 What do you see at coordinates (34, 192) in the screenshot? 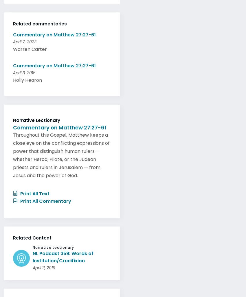
I see `'Print All Text'` at bounding box center [34, 192].